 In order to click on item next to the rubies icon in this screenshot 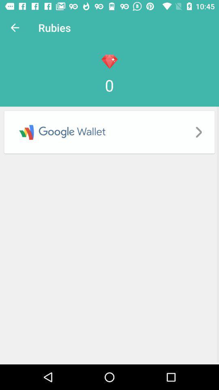, I will do `click(15, 28)`.